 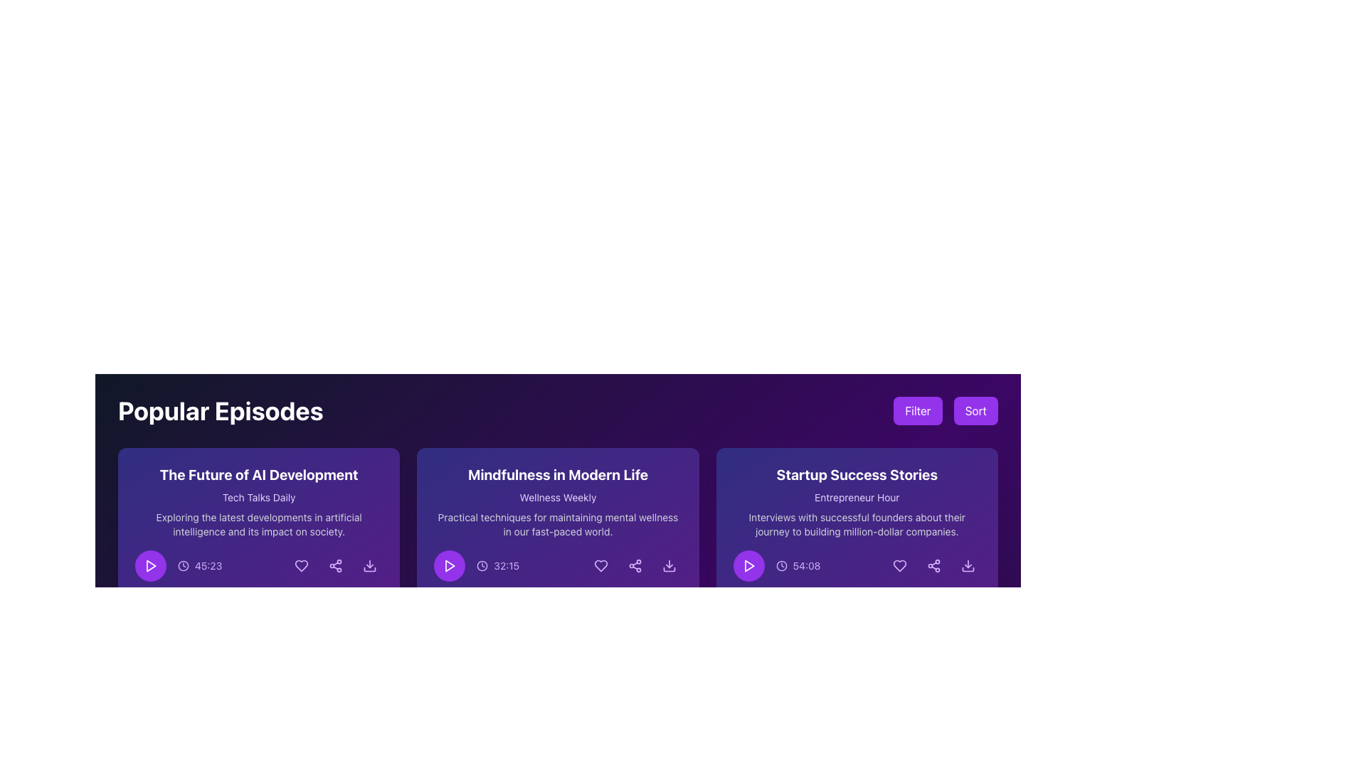 I want to click on the heart-shaped icon in the toolbar of the 'Mindfulness in Modern Life' podcast card, so click(x=600, y=565).